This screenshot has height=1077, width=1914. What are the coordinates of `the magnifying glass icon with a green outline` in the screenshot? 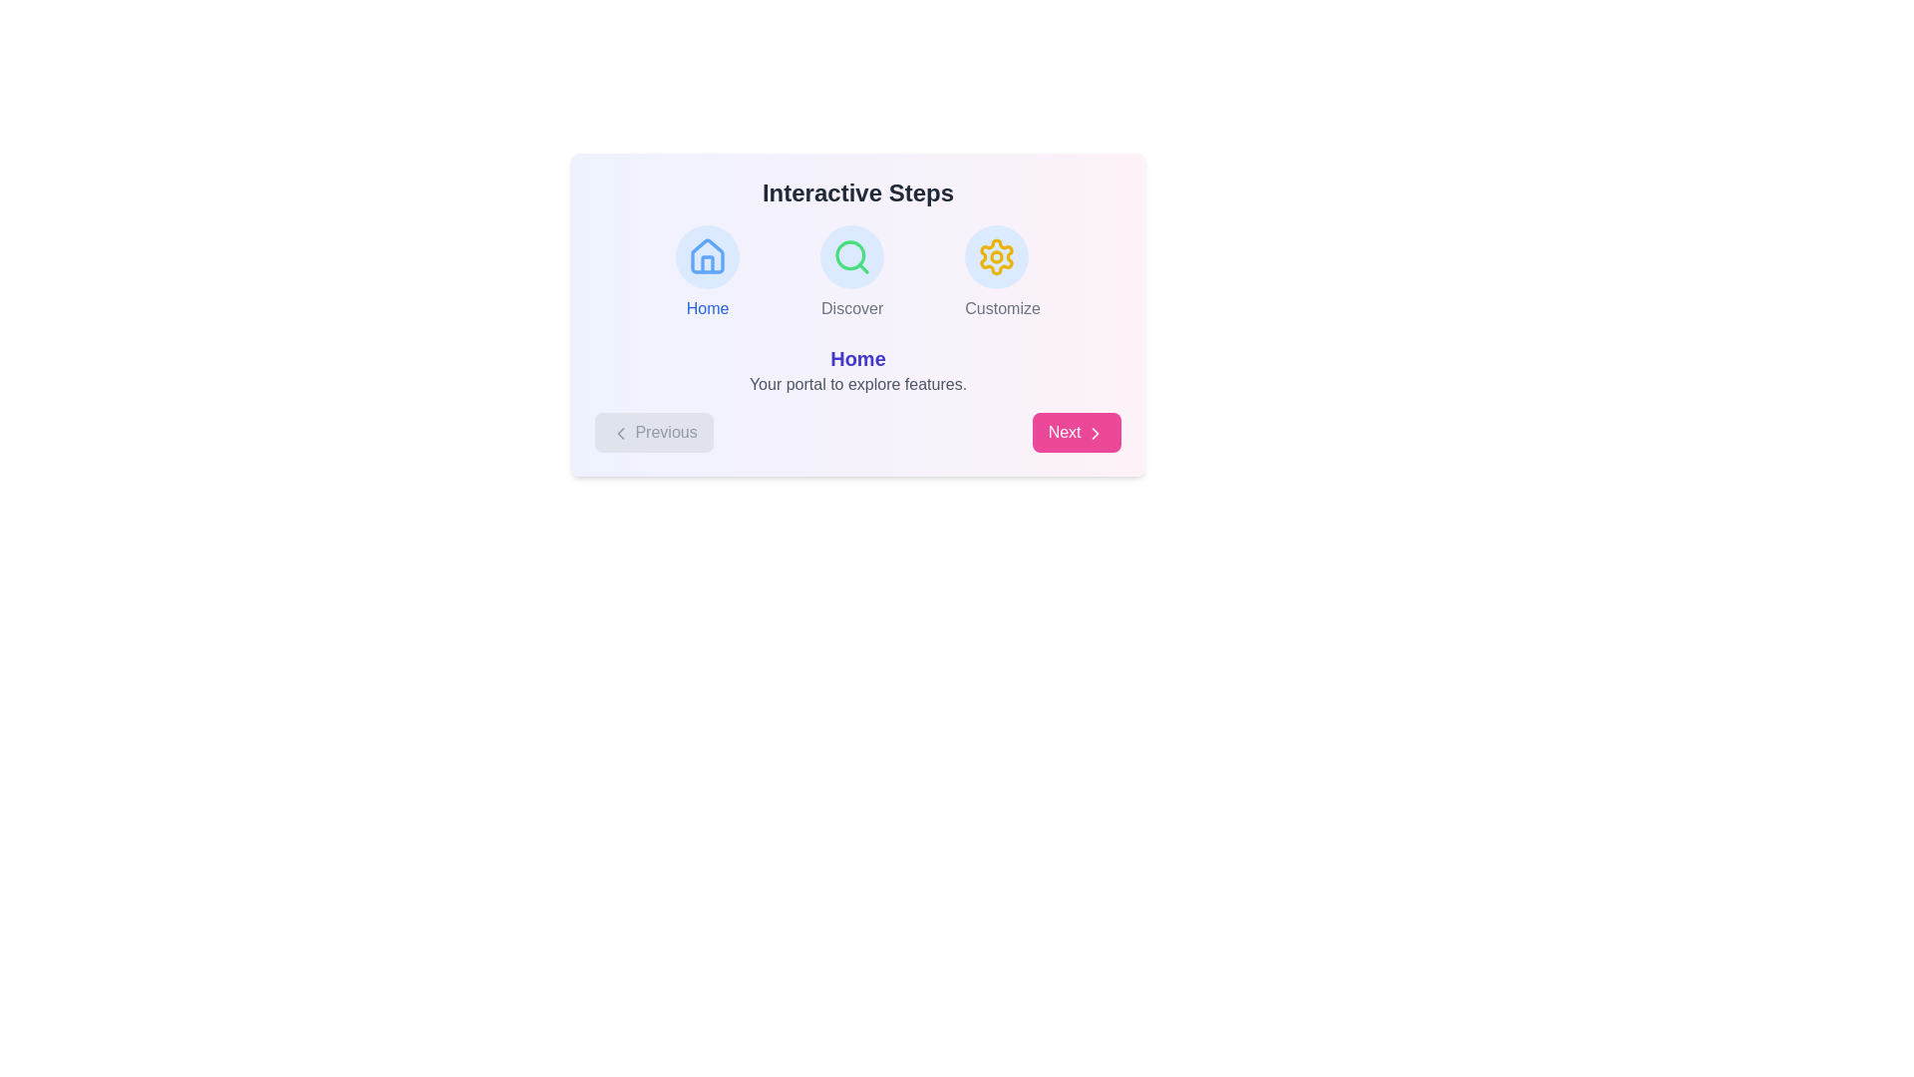 It's located at (852, 256).